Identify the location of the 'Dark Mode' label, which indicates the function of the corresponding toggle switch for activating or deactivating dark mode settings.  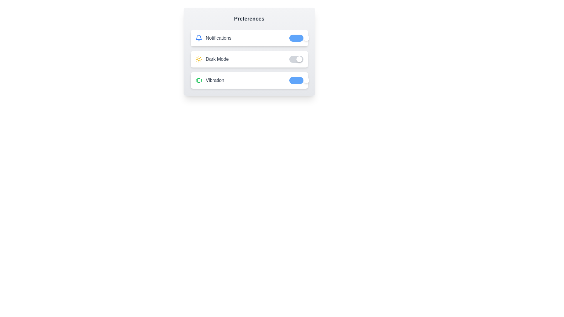
(217, 59).